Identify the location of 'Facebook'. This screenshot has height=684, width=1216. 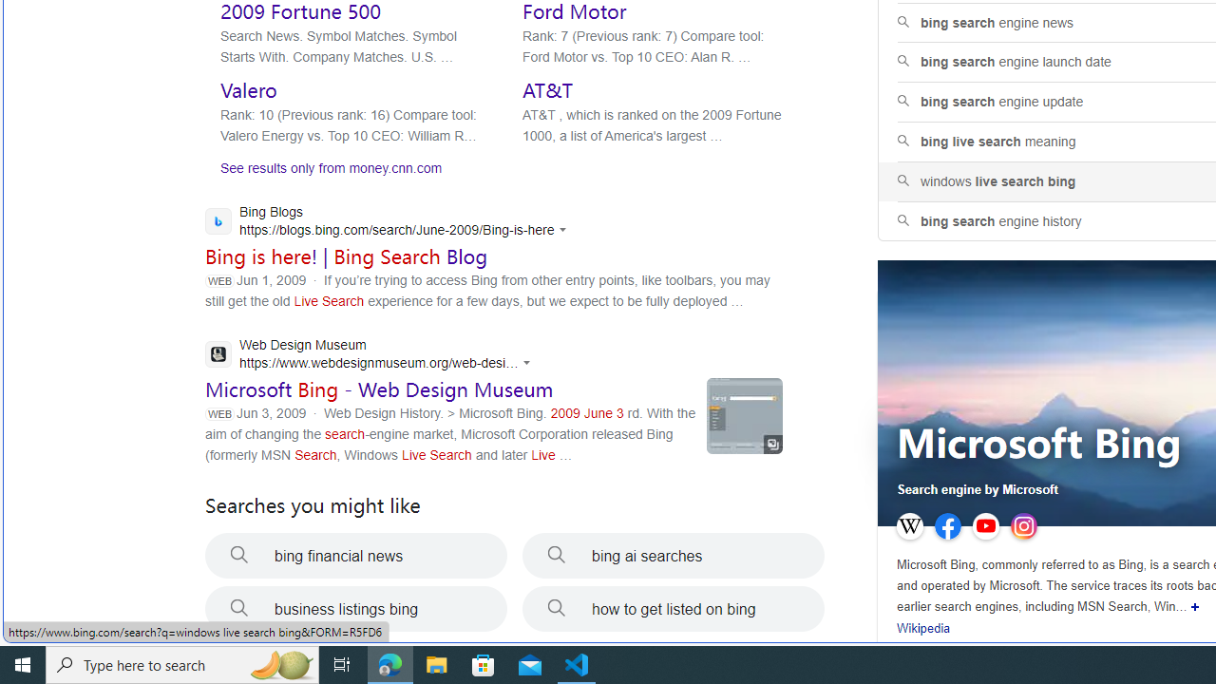
(948, 526).